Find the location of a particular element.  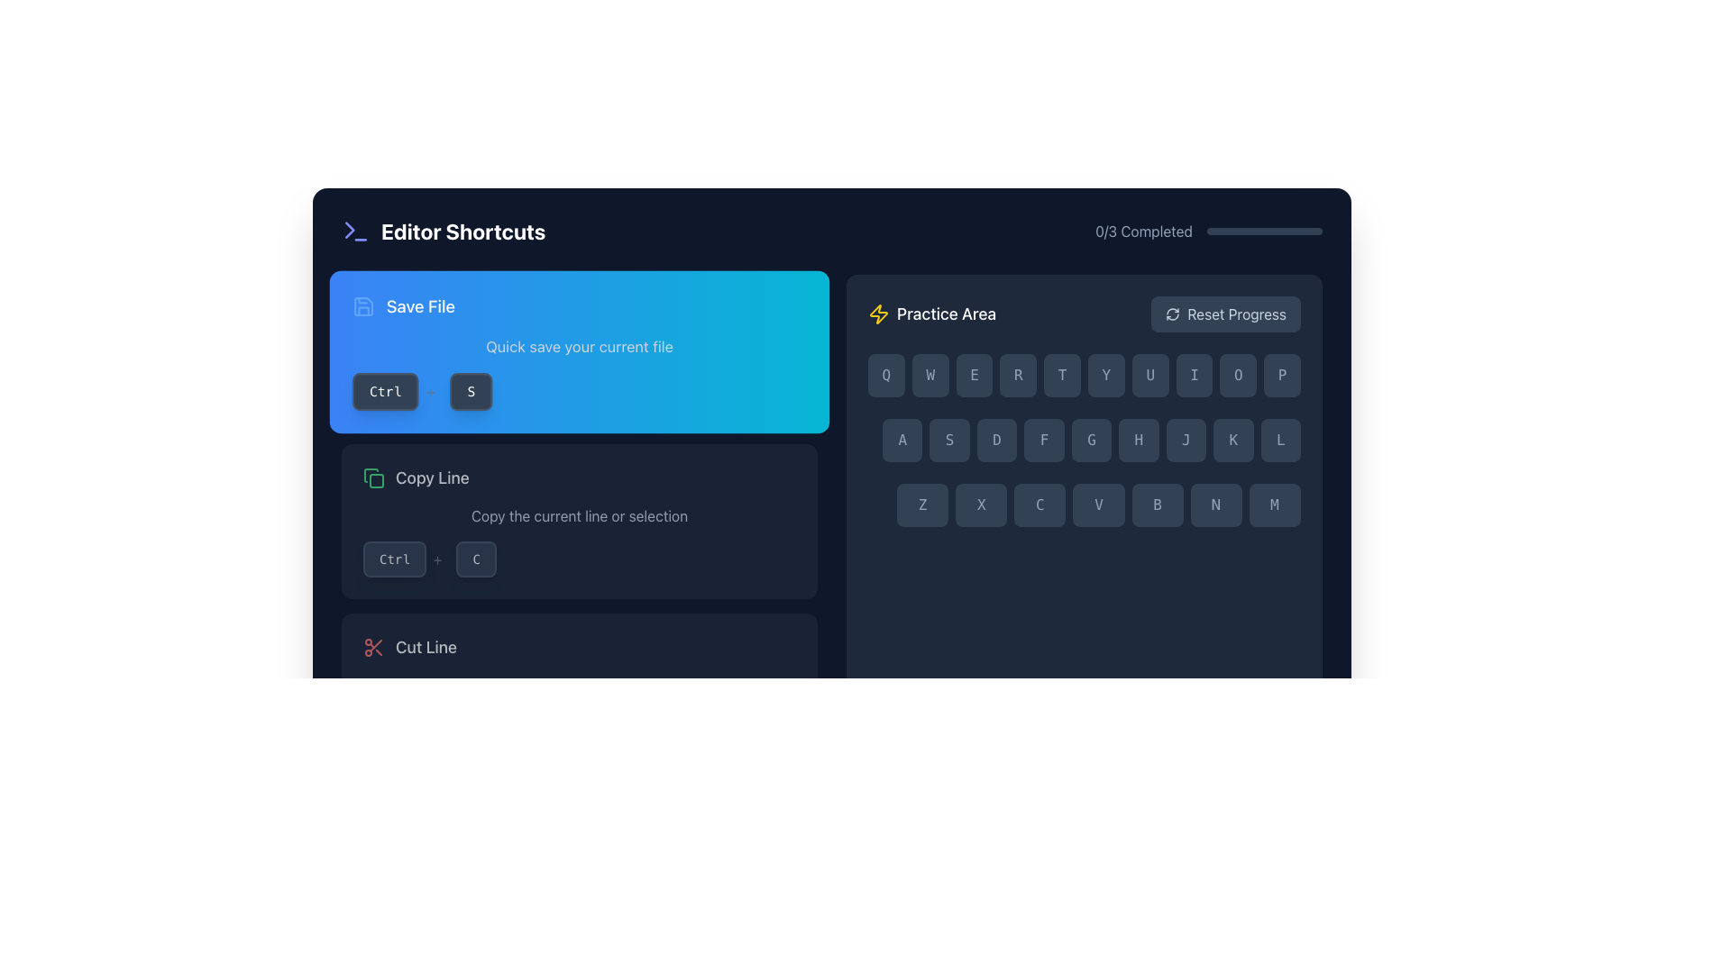

the leftmost inner graphical component of the 'Copy Line' SVG icon is located at coordinates (371, 475).